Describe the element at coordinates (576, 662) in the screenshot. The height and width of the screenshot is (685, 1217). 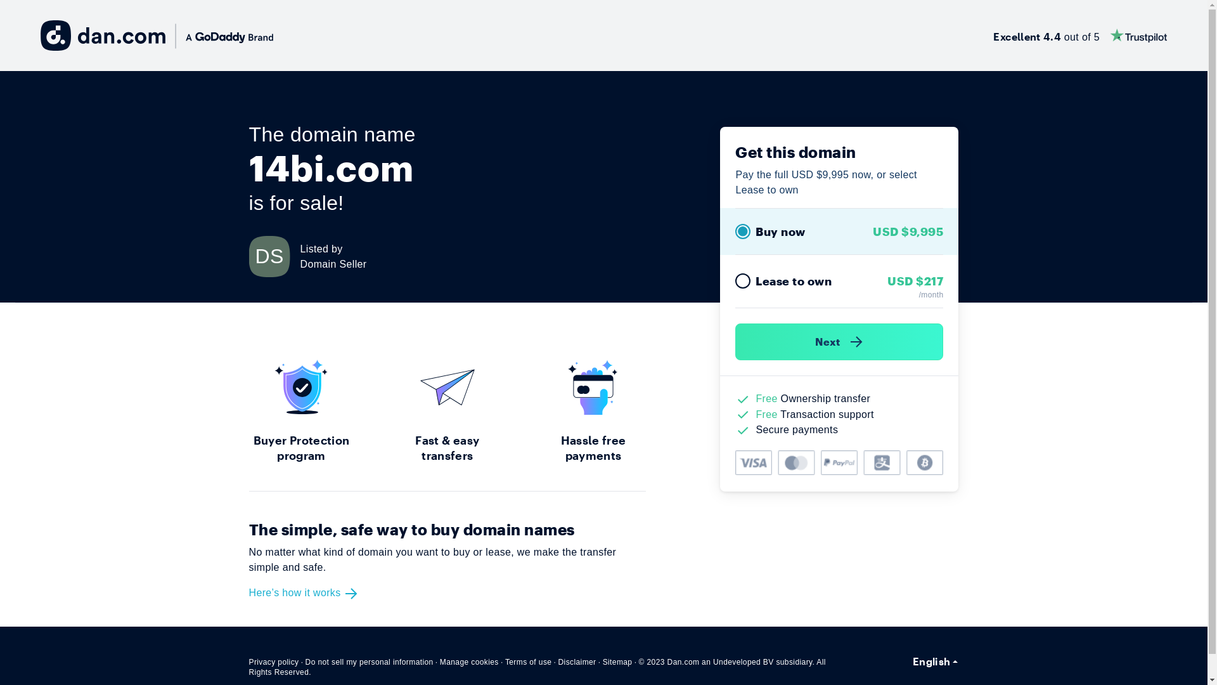
I see `'Disclaimer'` at that location.